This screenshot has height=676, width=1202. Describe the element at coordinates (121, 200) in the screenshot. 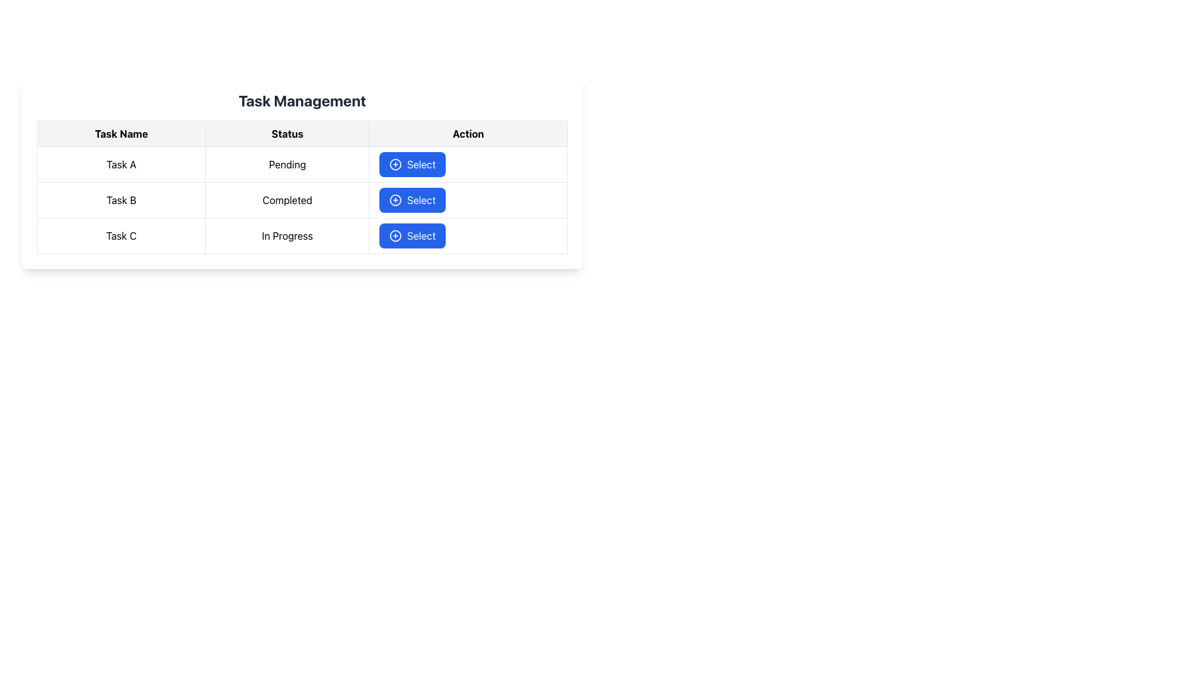

I see `the static text label reading 'Task B' located in the second row of a table under the 'Task Name' column, positioned between 'Task A' and 'Task C'` at that location.